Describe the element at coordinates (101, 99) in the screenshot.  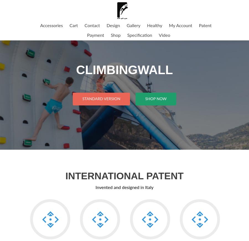
I see `'Standard Version'` at that location.